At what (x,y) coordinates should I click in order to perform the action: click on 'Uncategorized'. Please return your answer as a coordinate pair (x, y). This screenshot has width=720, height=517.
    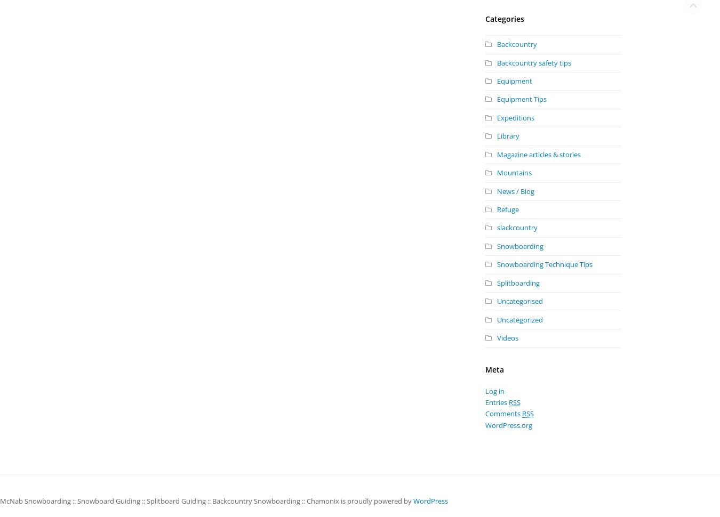
    Looking at the image, I should click on (519, 319).